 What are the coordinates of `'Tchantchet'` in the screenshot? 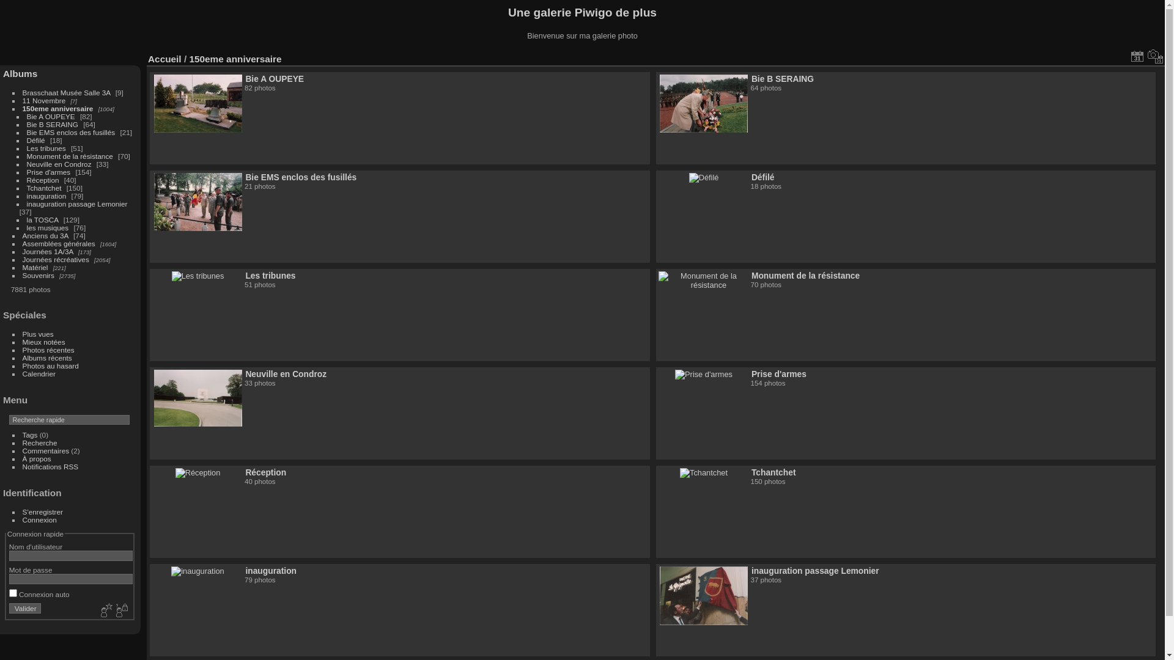 It's located at (773, 471).